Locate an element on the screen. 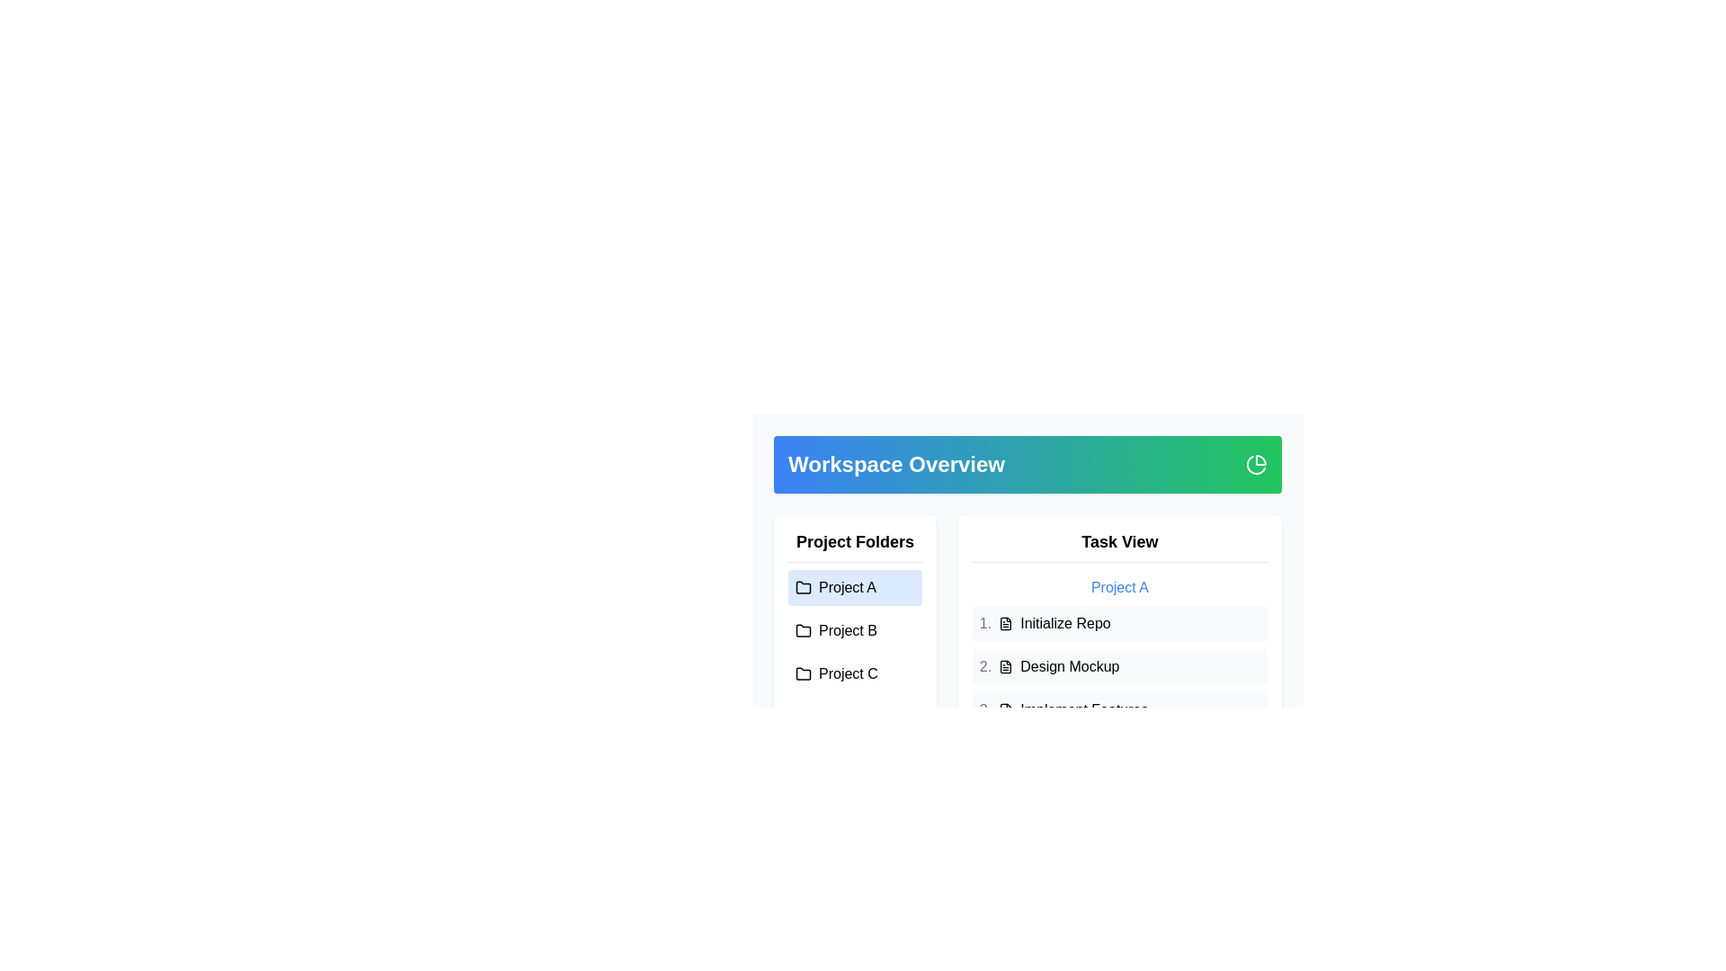 The image size is (1726, 971). the folder labeled 'Project B' in the list of 'Project Folders' is located at coordinates (854, 630).